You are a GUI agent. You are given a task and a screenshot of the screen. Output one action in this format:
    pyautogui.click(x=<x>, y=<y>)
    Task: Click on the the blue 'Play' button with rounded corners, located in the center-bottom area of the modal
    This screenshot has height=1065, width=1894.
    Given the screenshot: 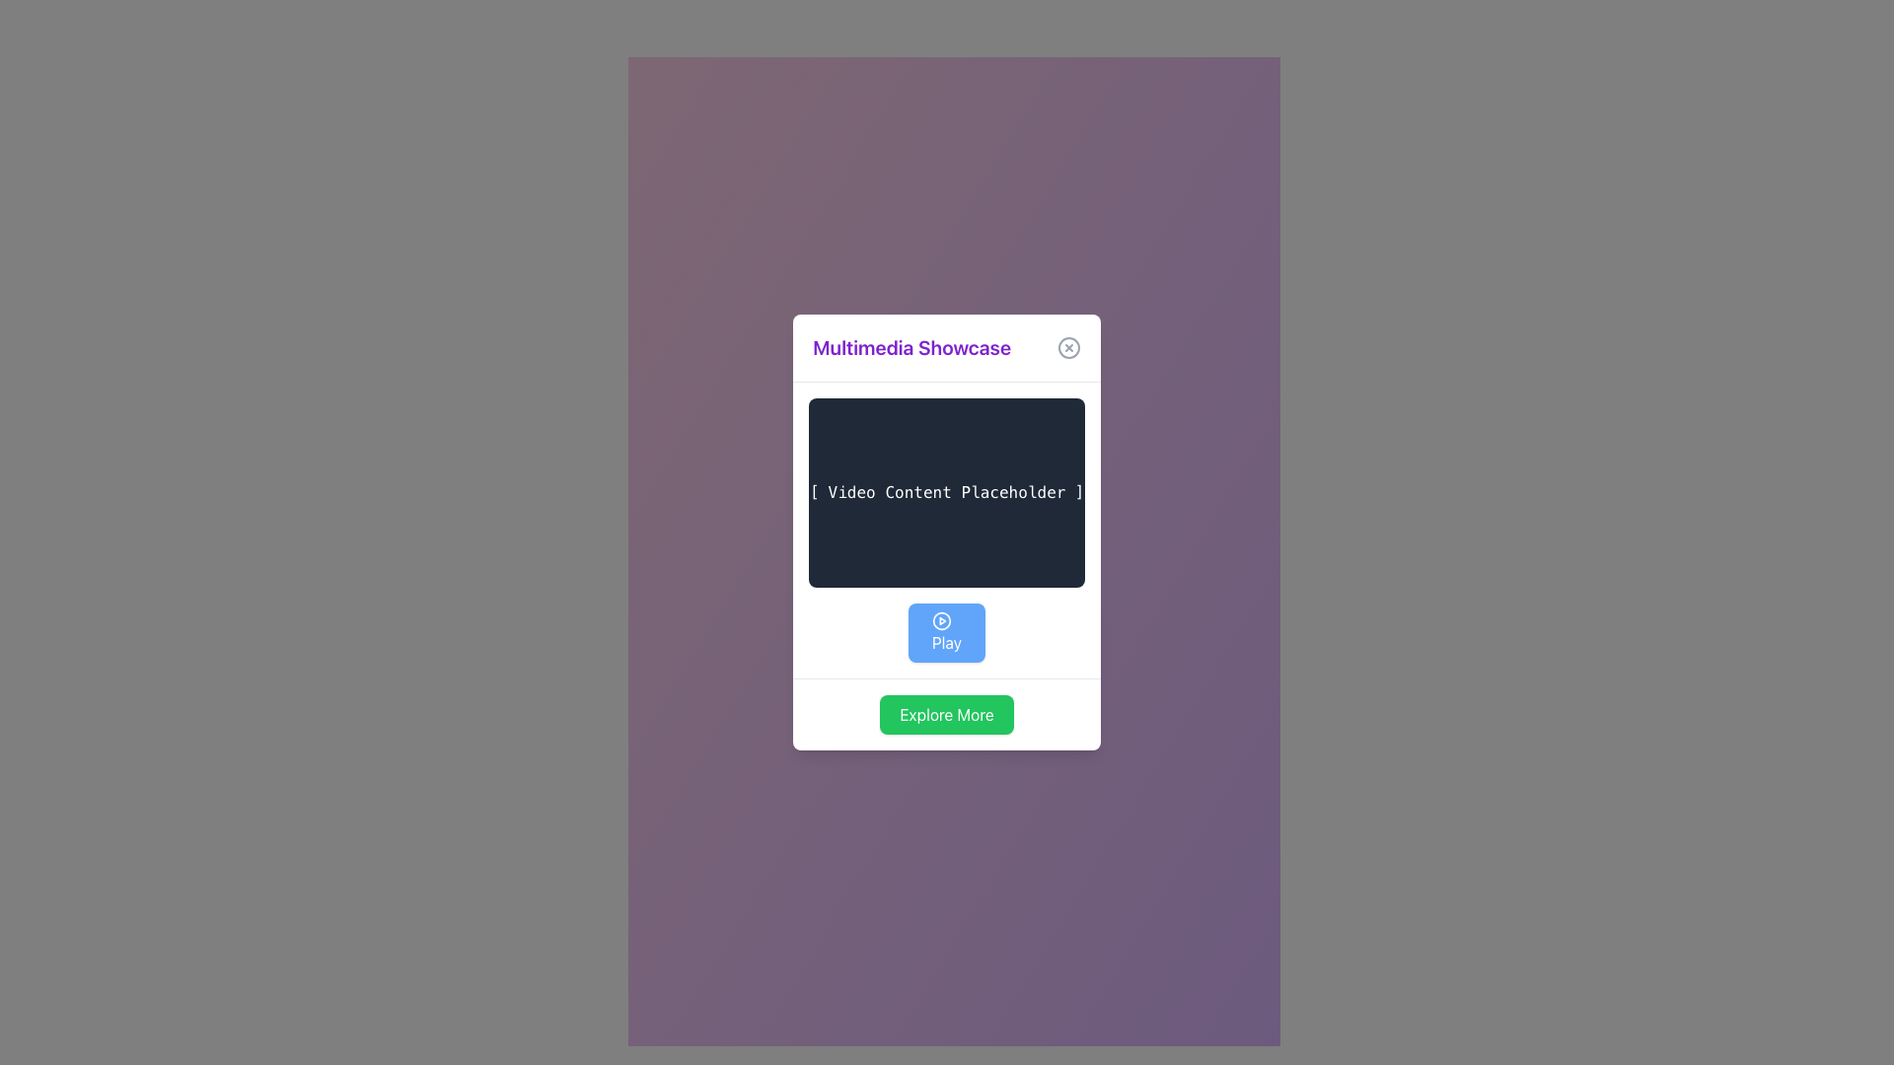 What is the action you would take?
    pyautogui.click(x=947, y=632)
    